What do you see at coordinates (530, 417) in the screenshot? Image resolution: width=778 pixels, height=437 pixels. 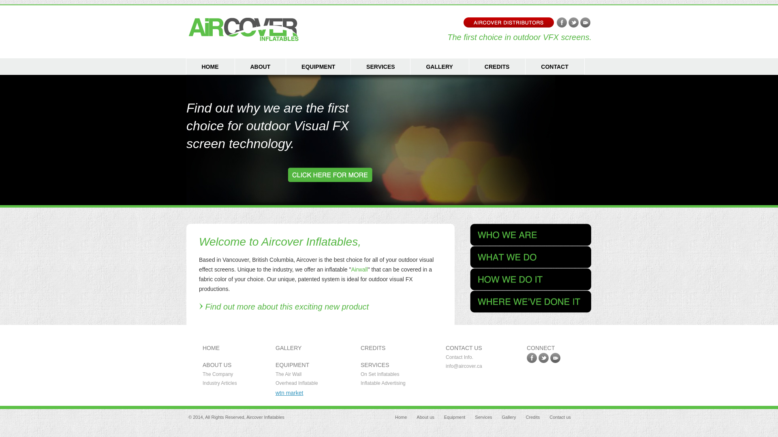 I see `'Credits'` at bounding box center [530, 417].